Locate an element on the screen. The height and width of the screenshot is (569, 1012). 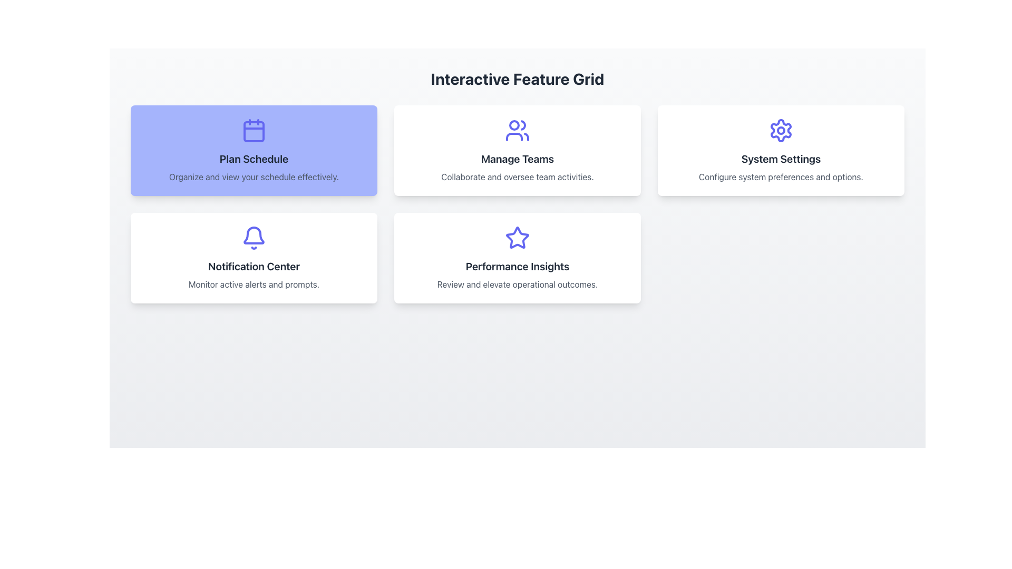
the Feature card located in the second column of the top row of the grid layout is located at coordinates (518, 150).